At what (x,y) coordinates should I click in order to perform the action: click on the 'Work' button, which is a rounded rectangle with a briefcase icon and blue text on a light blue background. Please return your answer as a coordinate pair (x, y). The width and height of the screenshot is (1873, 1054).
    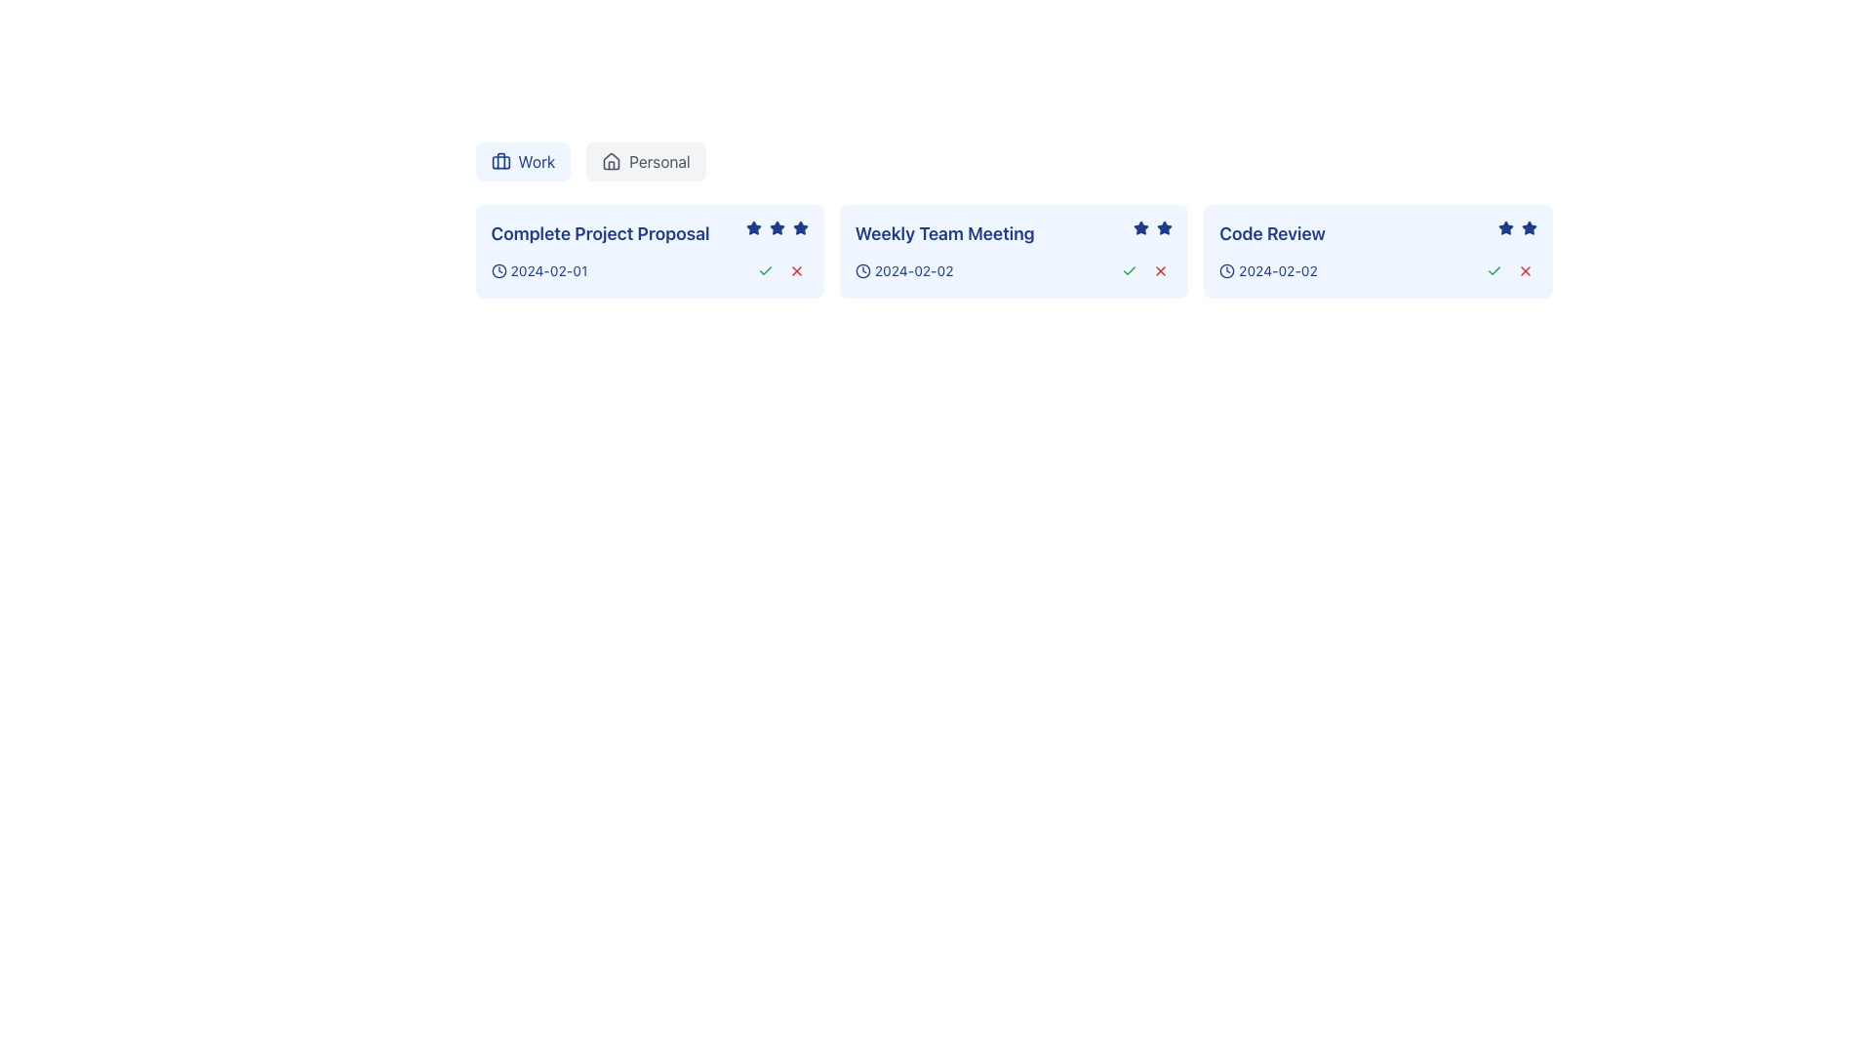
    Looking at the image, I should click on (523, 160).